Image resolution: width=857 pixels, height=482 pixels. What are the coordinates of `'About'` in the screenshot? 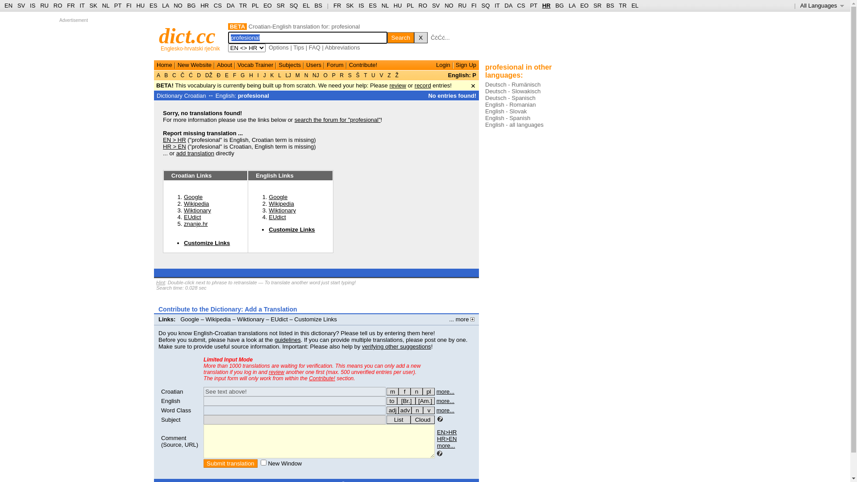 It's located at (225, 64).